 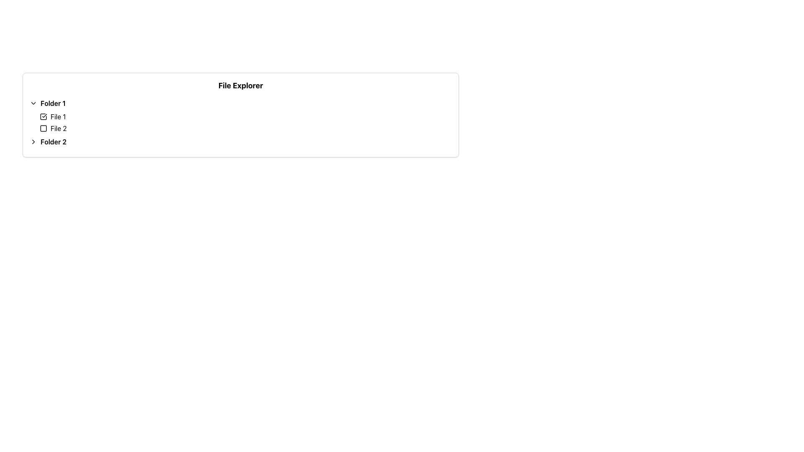 What do you see at coordinates (43, 116) in the screenshot?
I see `the Checkbox icon element, which is a square-shaped icon with a checkmark, located immediately to the left of the 'File 1' label` at bounding box center [43, 116].